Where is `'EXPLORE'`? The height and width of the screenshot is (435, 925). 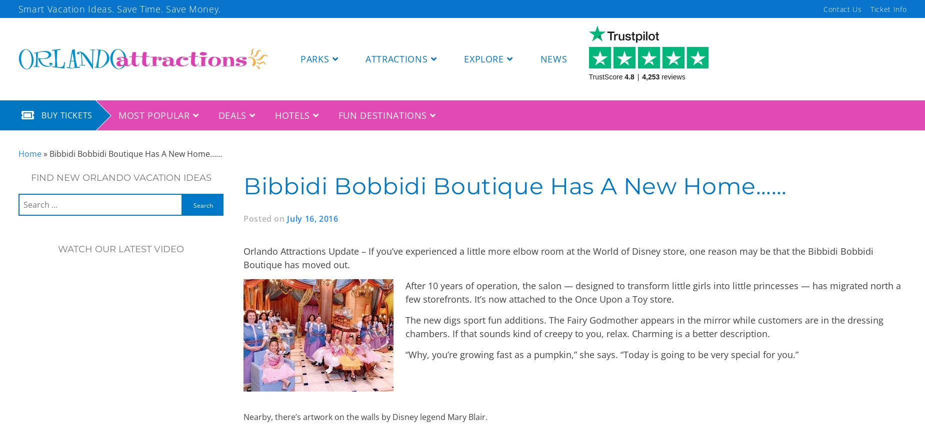
'EXPLORE' is located at coordinates (483, 58).